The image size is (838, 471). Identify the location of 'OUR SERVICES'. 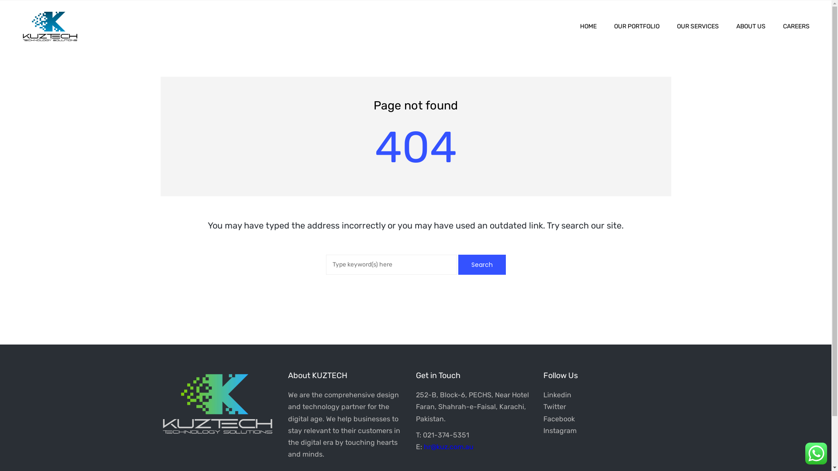
(697, 26).